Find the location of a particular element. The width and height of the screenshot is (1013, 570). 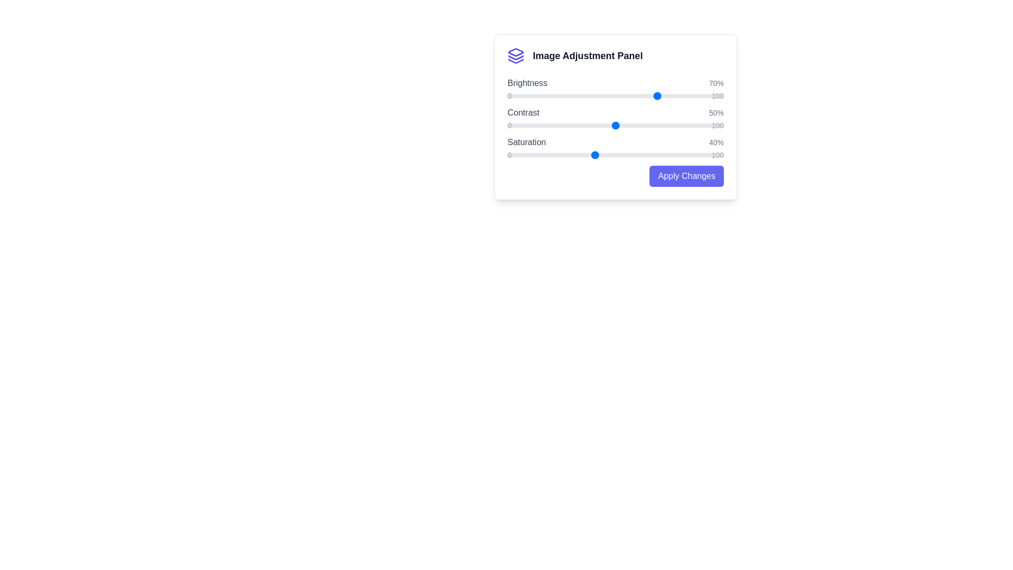

the slider for brightness is located at coordinates (615, 96).